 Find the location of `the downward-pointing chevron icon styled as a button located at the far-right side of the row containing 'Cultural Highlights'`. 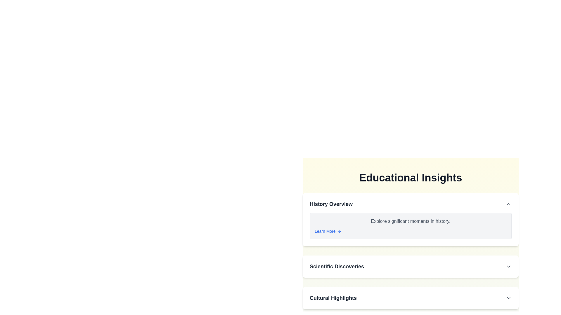

the downward-pointing chevron icon styled as a button located at the far-right side of the row containing 'Cultural Highlights' is located at coordinates (508, 298).